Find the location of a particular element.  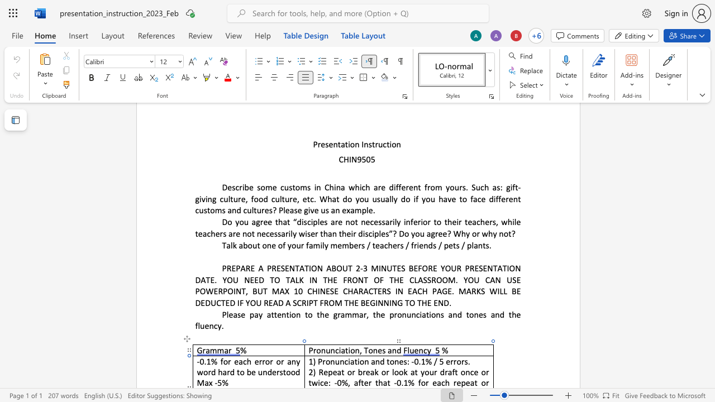

the space between the continuous character "r" and "s" in the text is located at coordinates (464, 361).